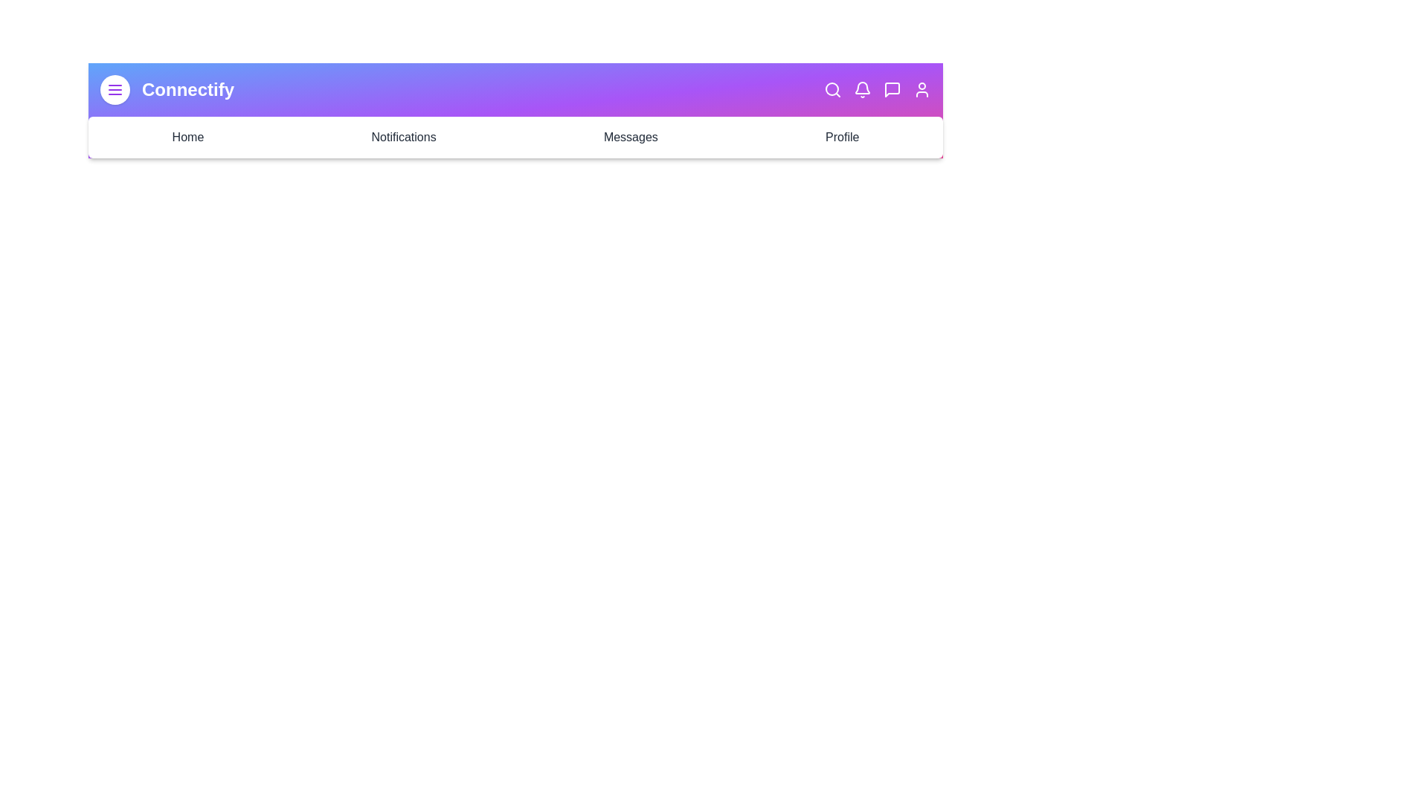  Describe the element at coordinates (863, 89) in the screenshot. I see `the Notifications icon in the top-right section` at that location.